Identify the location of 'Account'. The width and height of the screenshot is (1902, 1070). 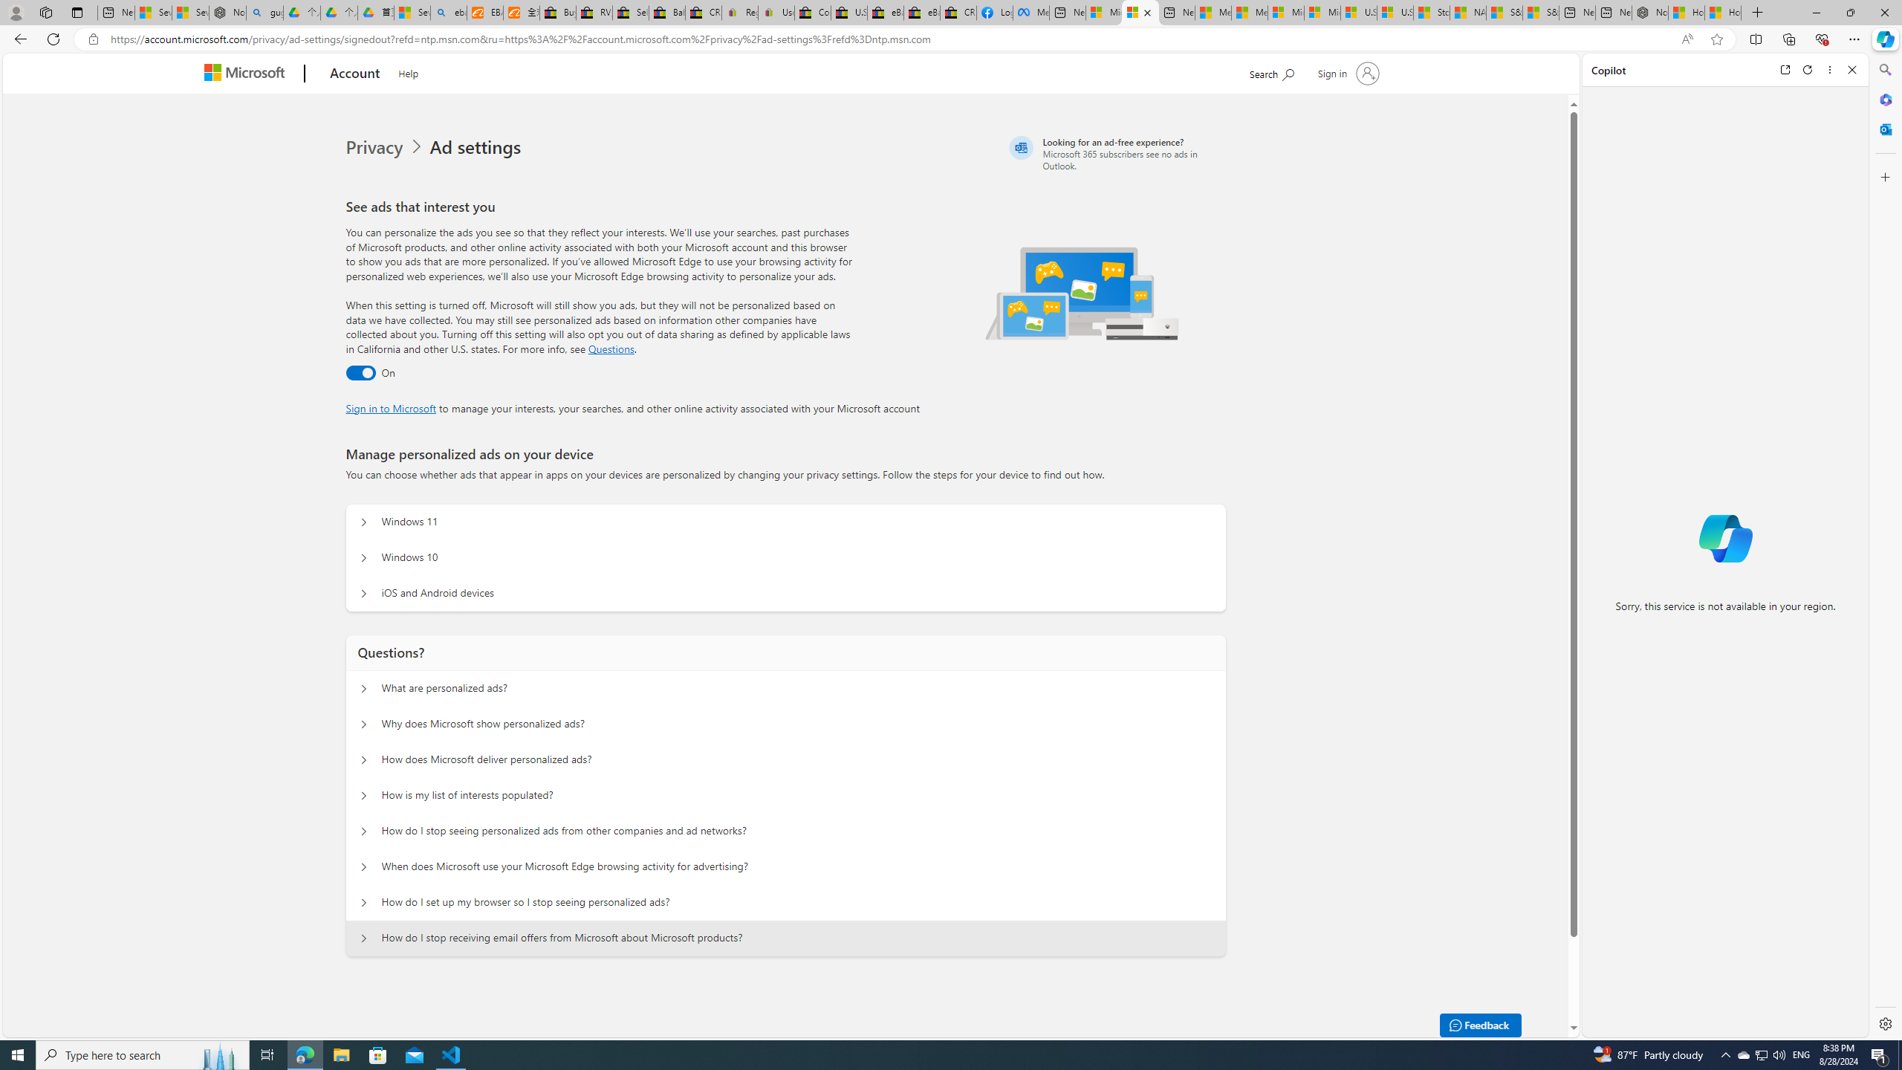
(354, 74).